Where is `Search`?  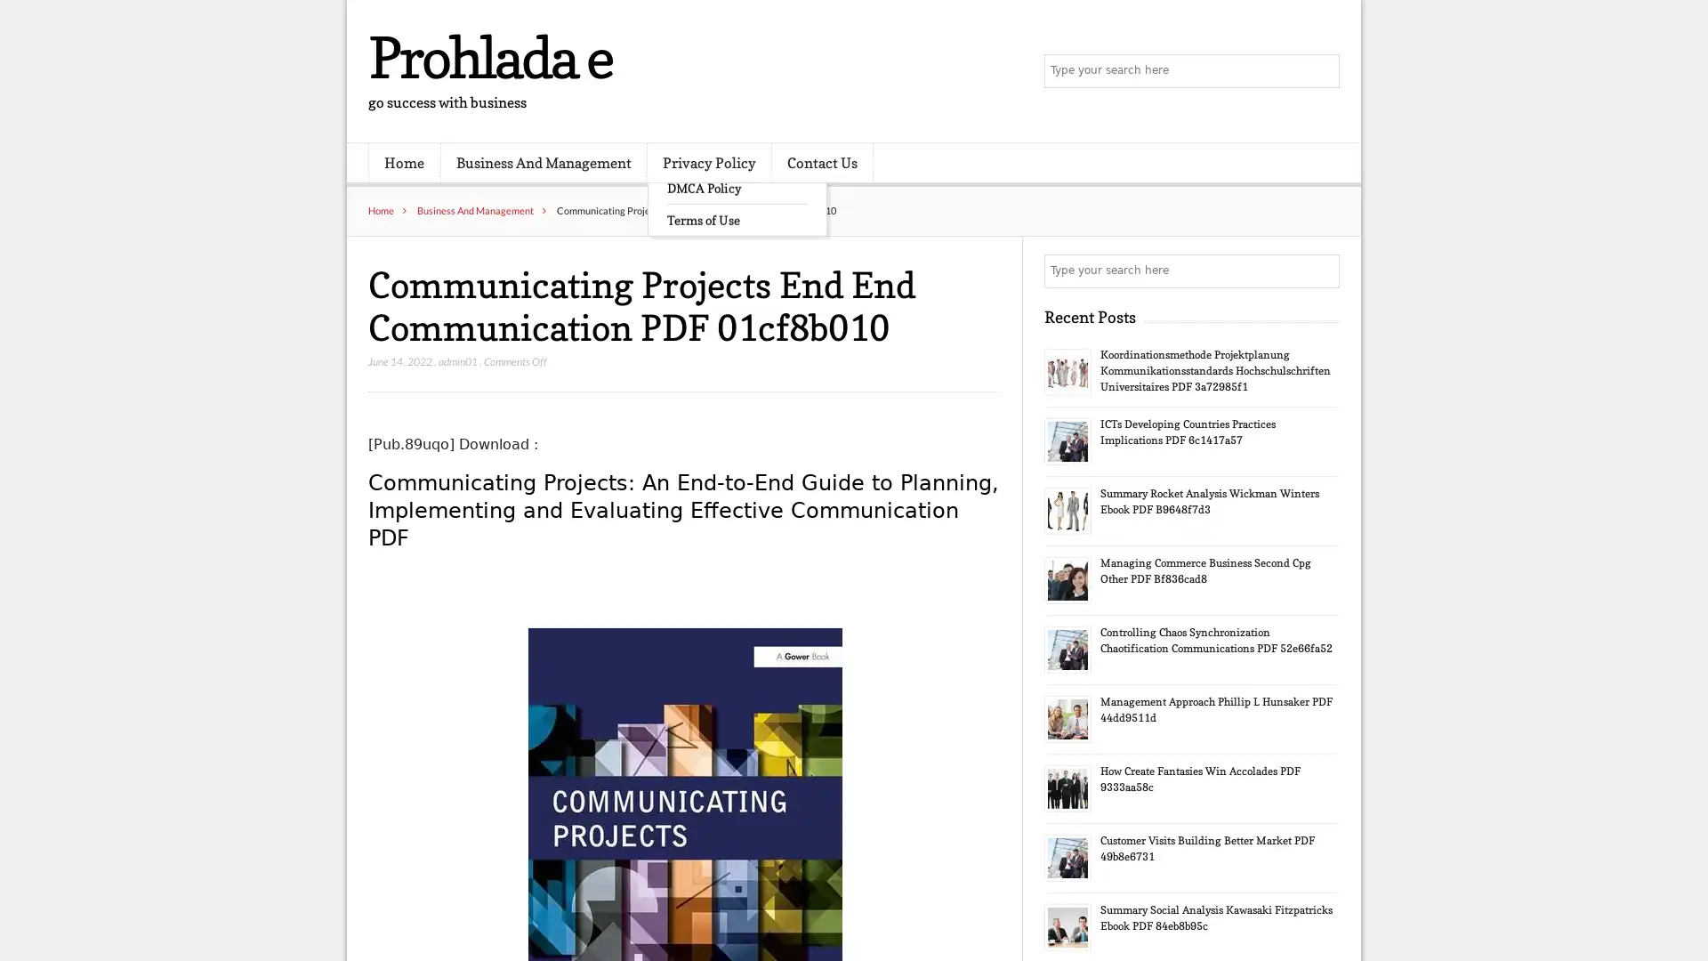 Search is located at coordinates (1321, 271).